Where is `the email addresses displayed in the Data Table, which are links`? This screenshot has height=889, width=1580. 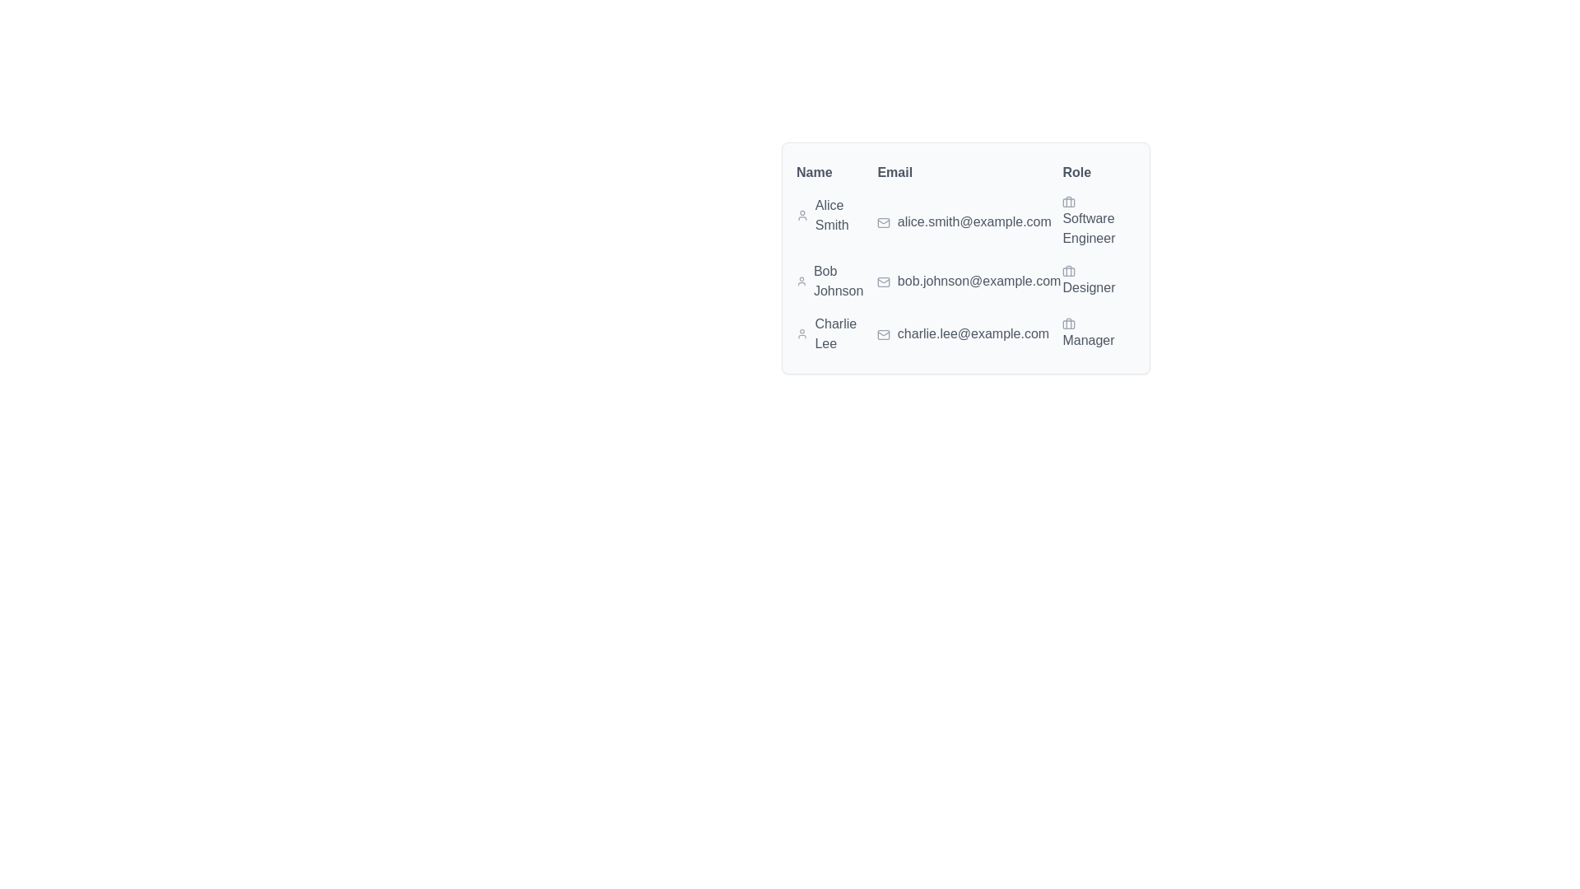 the email addresses displayed in the Data Table, which are links is located at coordinates (966, 258).